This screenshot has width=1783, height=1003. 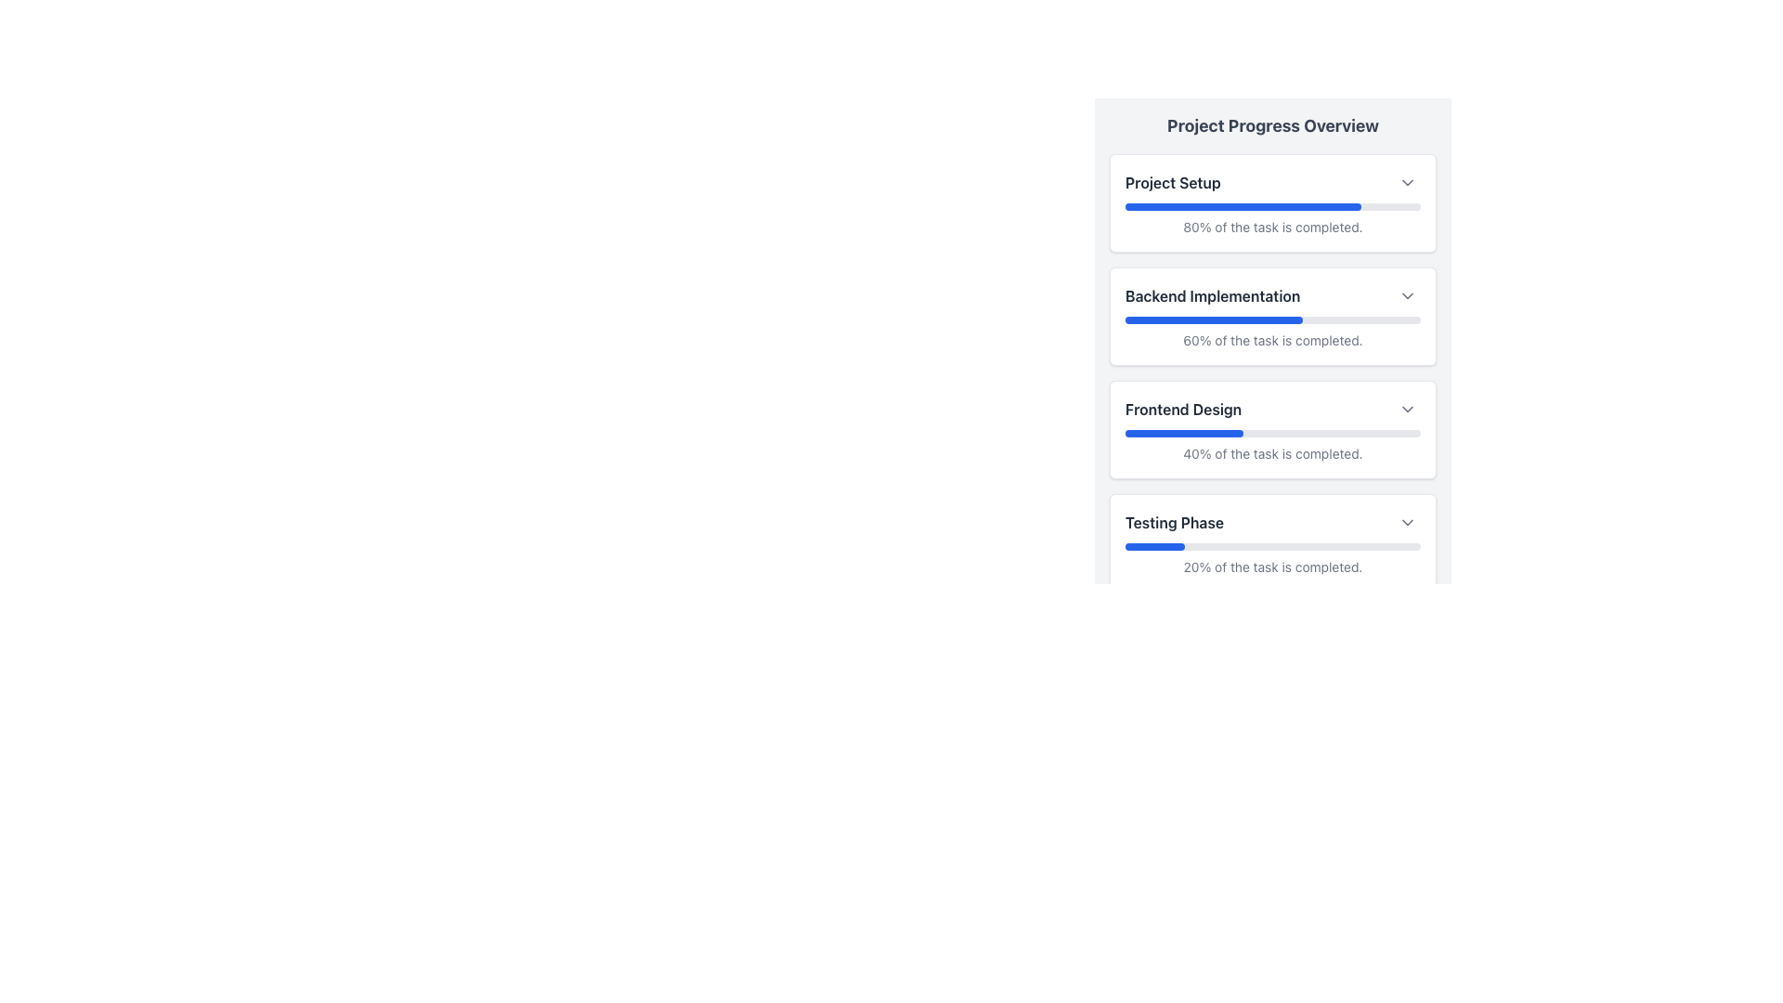 I want to click on informational text label that indicates 20% completion of the 'Testing Phase', located centrally below the progress bar, so click(x=1272, y=566).